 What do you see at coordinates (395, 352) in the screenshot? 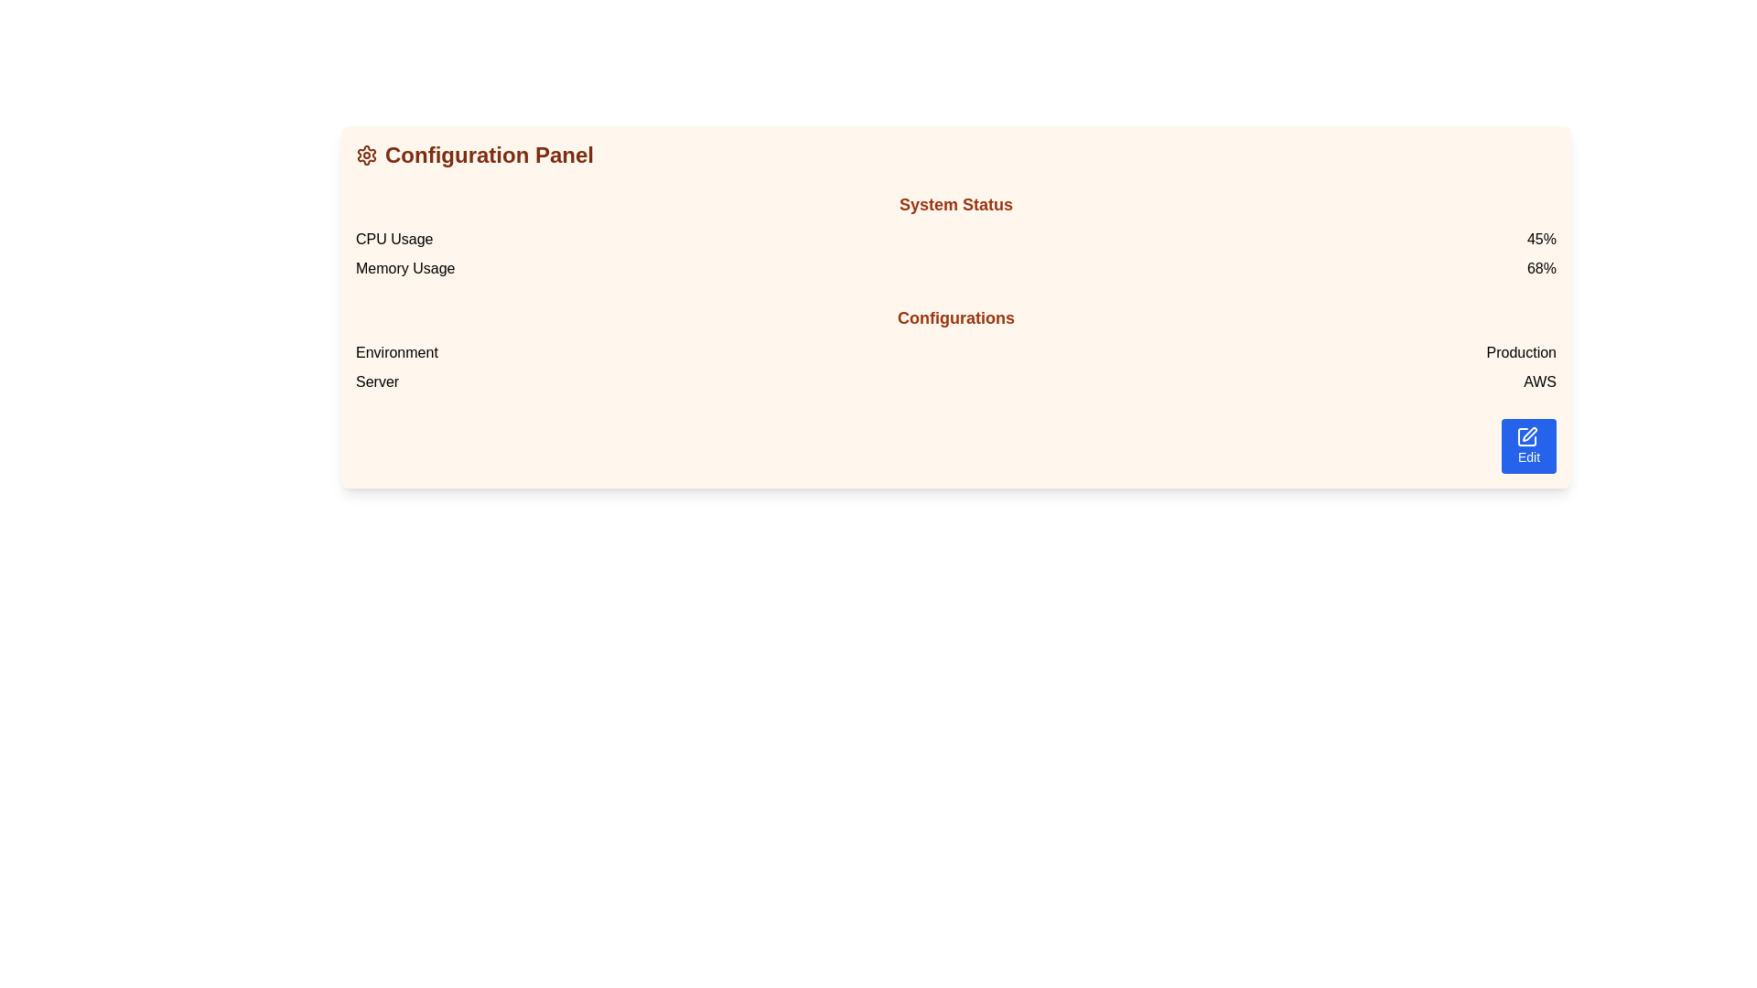
I see `the text label indicating a configuration property related to the environment, which is located in the left section of the configuration panel under the subheading 'Configurations', positioned before the word 'Production'` at bounding box center [395, 352].